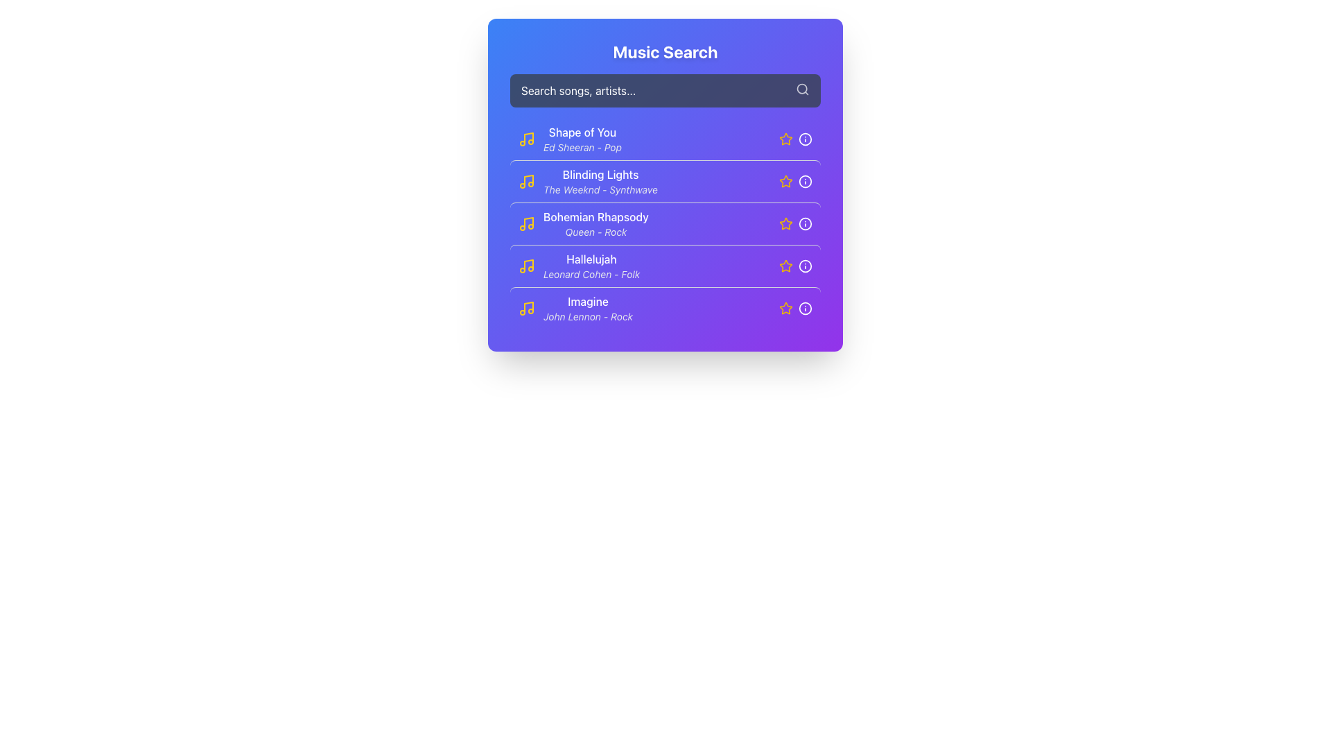  What do you see at coordinates (805, 266) in the screenshot?
I see `the circular icon located on the right side of the 'Hallelujah - Leonard Cohen' song row in the Music Search card interface` at bounding box center [805, 266].